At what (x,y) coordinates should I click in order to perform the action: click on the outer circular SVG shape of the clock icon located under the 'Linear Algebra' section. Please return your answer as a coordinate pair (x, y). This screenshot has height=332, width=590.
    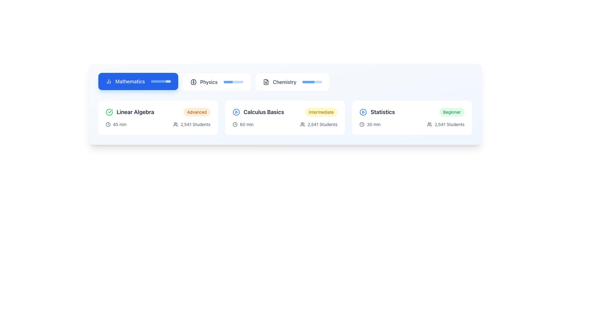
    Looking at the image, I should click on (108, 124).